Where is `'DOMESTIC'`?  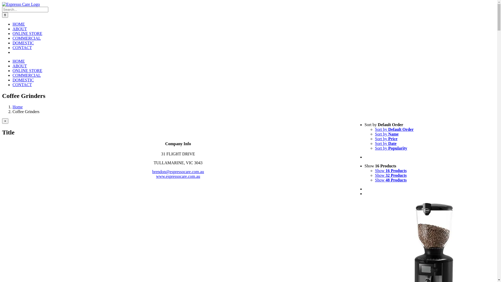
'DOMESTIC' is located at coordinates (13, 43).